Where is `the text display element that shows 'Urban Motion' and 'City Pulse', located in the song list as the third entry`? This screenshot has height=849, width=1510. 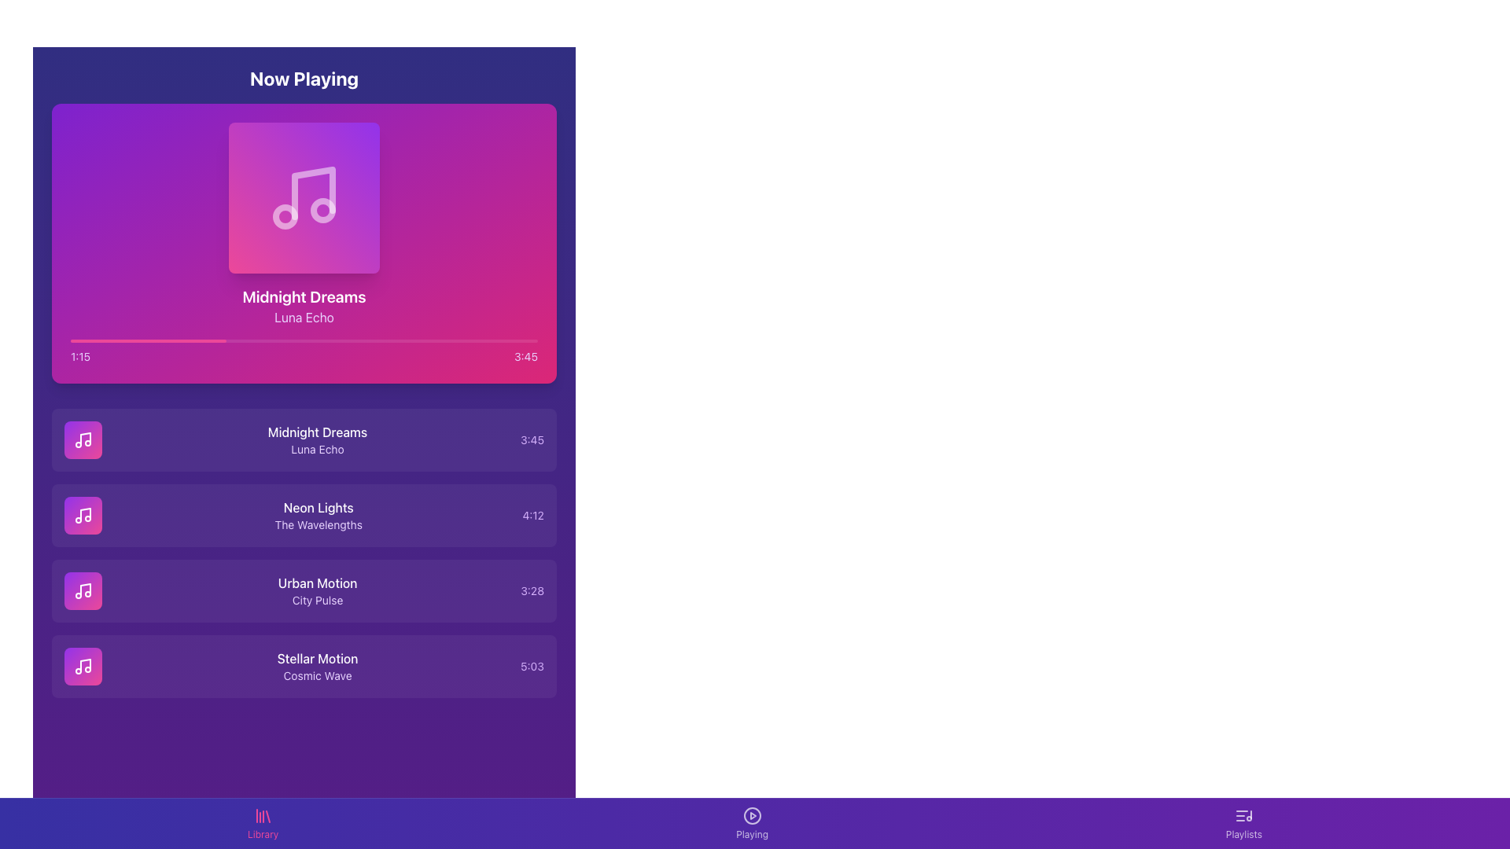 the text display element that shows 'Urban Motion' and 'City Pulse', located in the song list as the third entry is located at coordinates (317, 591).